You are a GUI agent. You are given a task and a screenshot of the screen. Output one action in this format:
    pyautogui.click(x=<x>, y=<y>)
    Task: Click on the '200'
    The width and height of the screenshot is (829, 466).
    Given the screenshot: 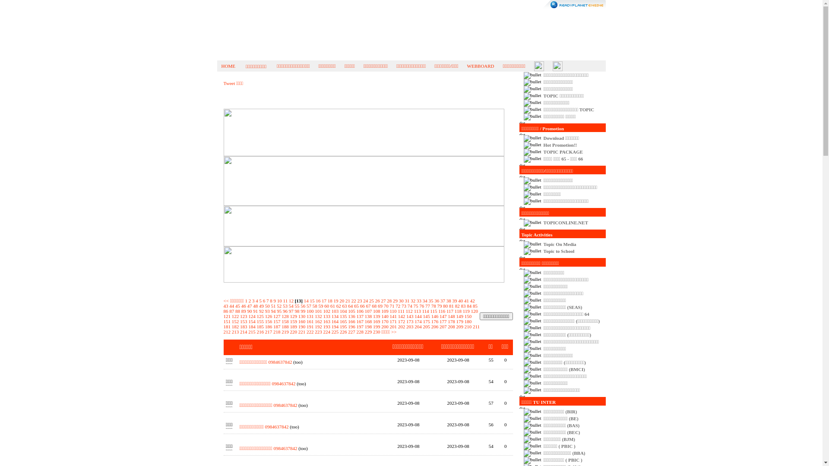 What is the action you would take?
    pyautogui.click(x=384, y=326)
    